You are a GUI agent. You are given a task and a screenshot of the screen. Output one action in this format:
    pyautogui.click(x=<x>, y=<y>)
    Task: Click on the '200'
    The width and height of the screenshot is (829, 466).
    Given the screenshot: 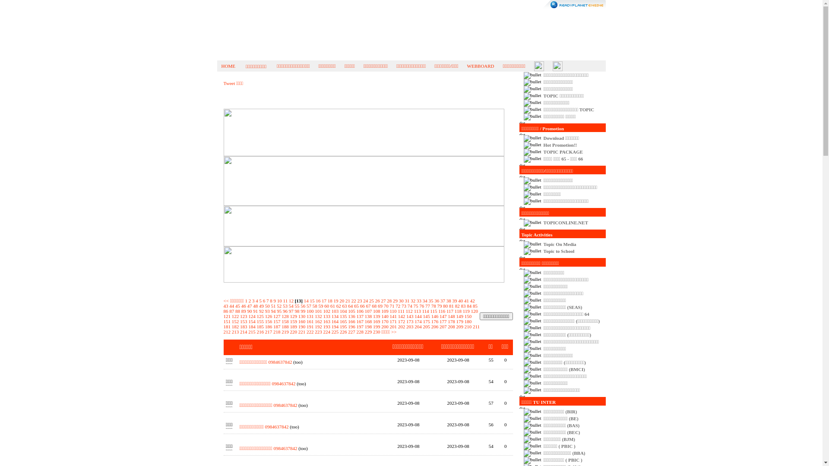 What is the action you would take?
    pyautogui.click(x=384, y=326)
    